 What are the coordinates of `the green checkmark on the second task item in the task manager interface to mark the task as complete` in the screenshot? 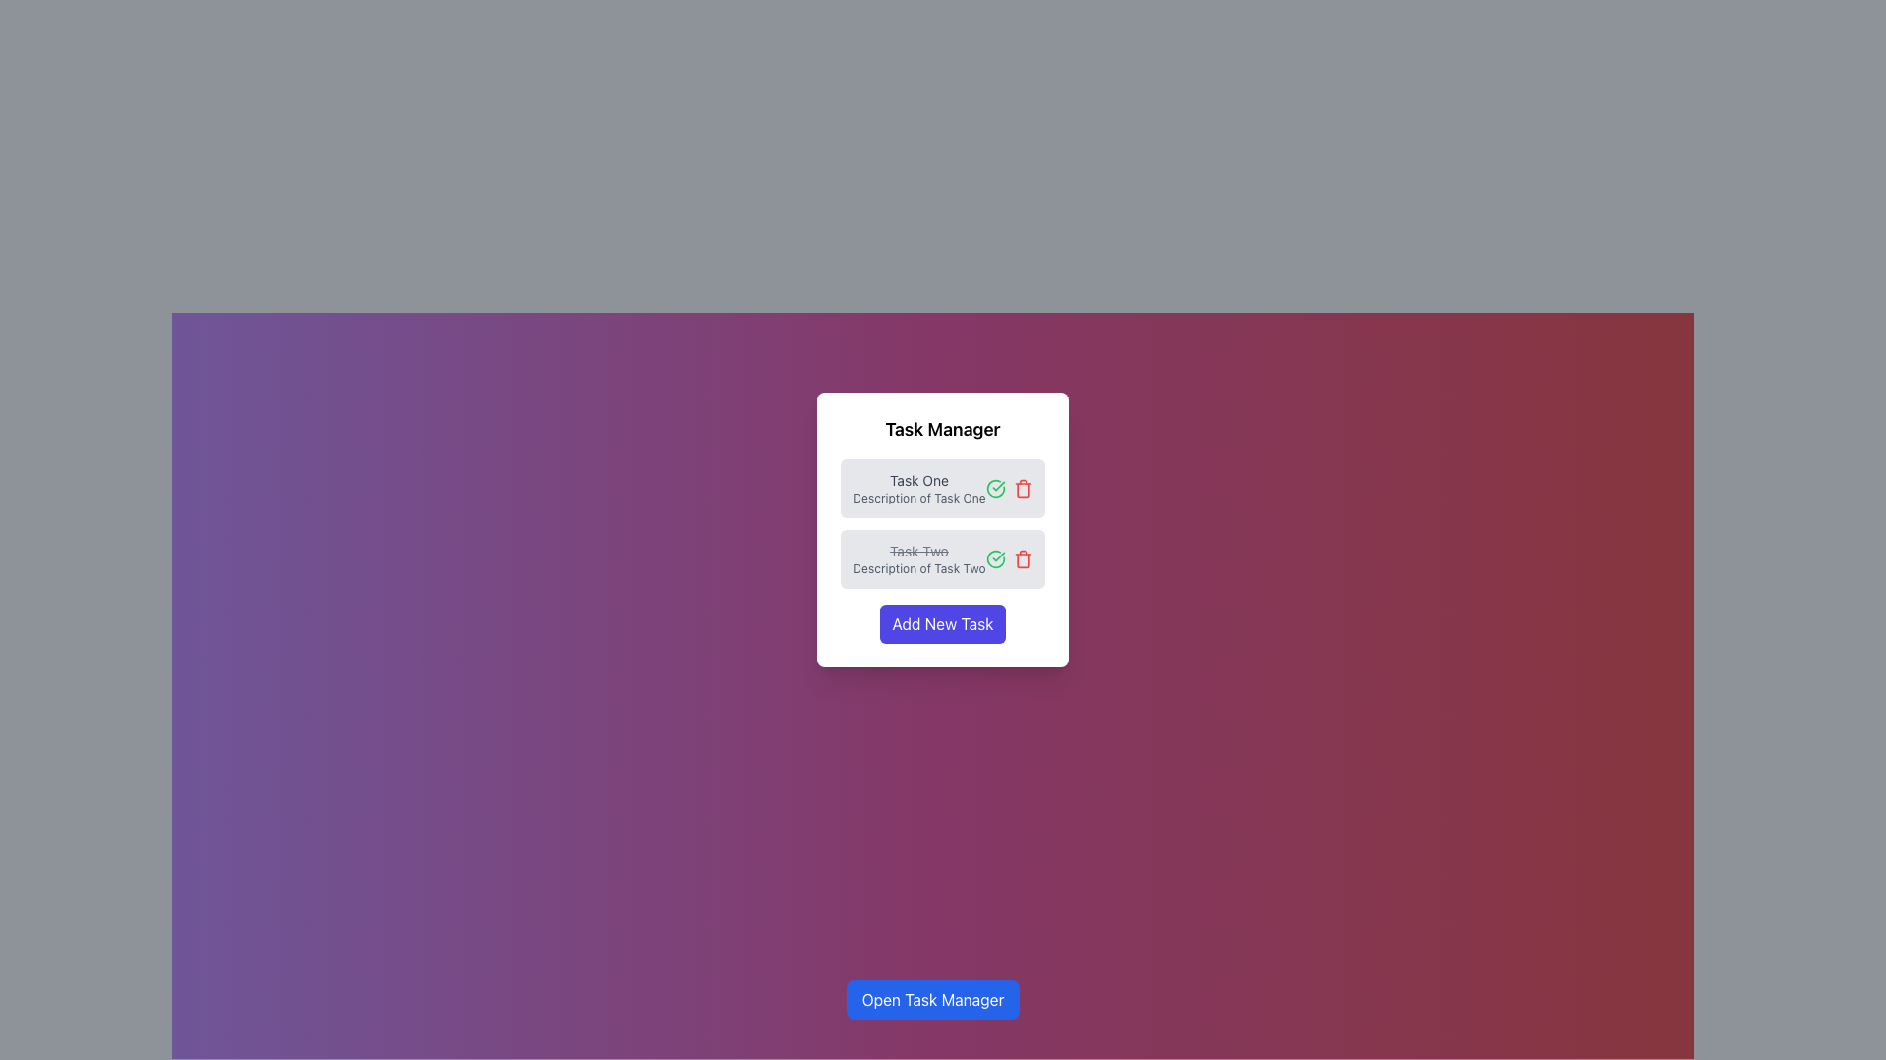 It's located at (943, 559).